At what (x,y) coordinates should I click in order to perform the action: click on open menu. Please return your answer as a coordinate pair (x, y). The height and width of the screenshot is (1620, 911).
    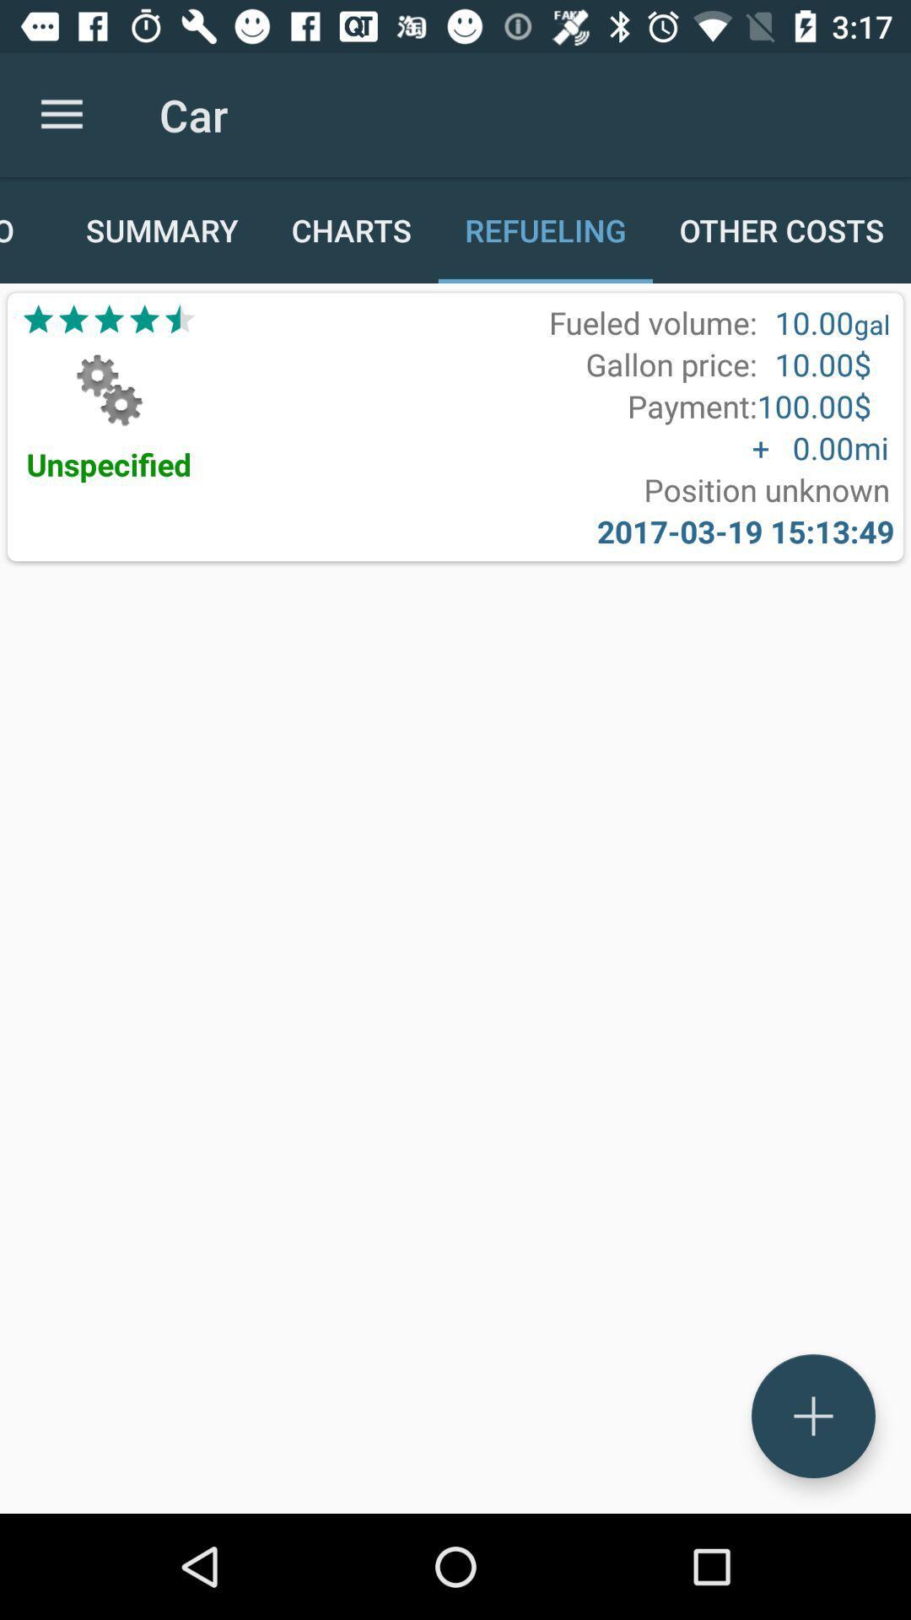
    Looking at the image, I should click on (812, 1416).